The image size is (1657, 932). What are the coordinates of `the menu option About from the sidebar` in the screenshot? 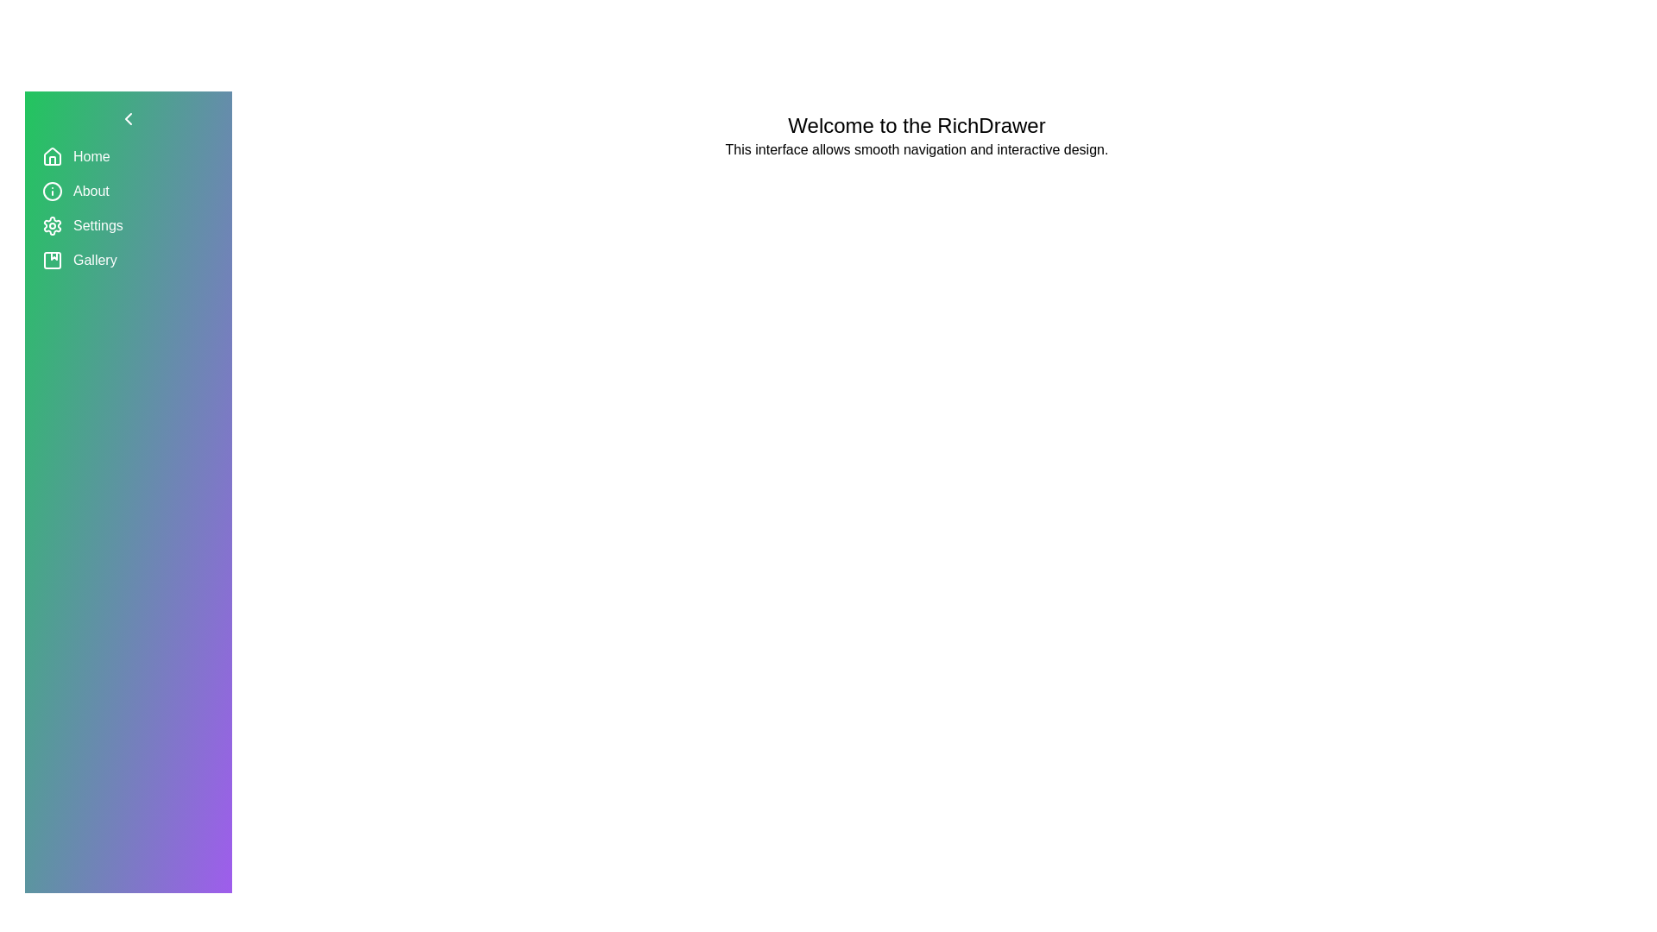 It's located at (127, 192).